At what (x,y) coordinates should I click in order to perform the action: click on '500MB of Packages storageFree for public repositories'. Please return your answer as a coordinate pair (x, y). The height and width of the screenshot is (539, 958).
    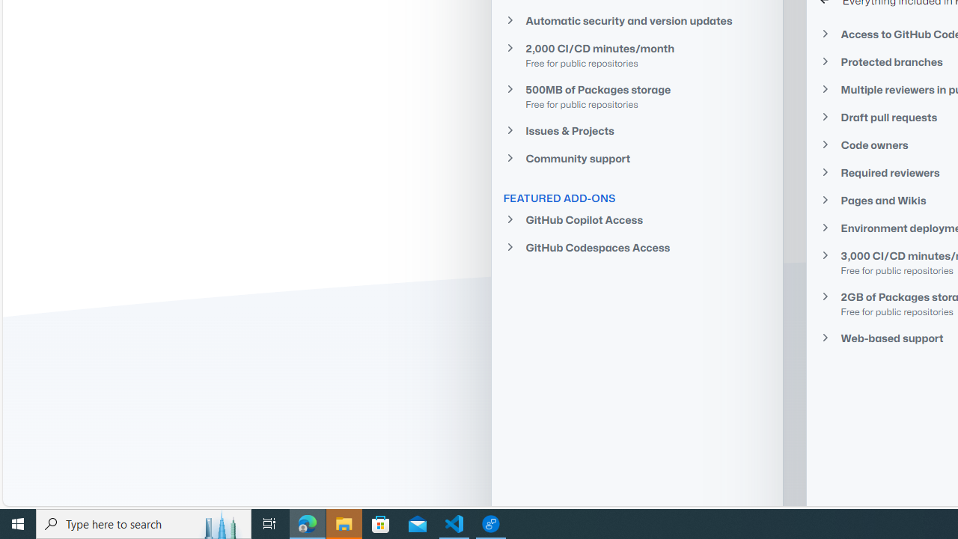
    Looking at the image, I should click on (637, 96).